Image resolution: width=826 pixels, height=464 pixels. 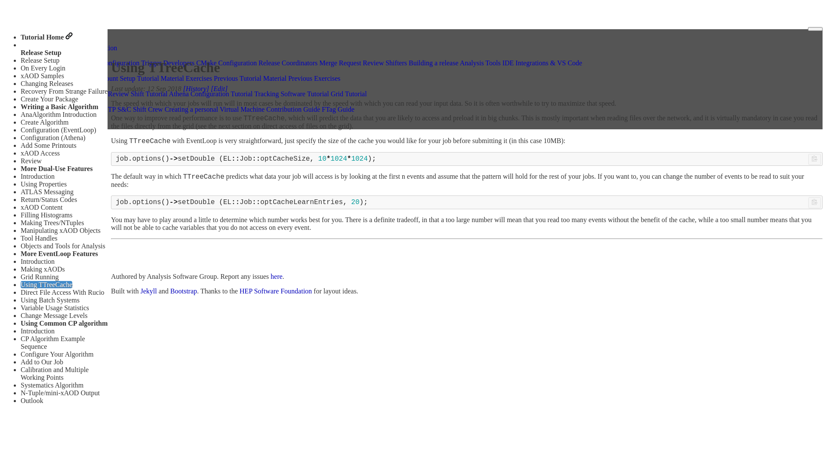 What do you see at coordinates (183, 290) in the screenshot?
I see `'Bootstrap'` at bounding box center [183, 290].